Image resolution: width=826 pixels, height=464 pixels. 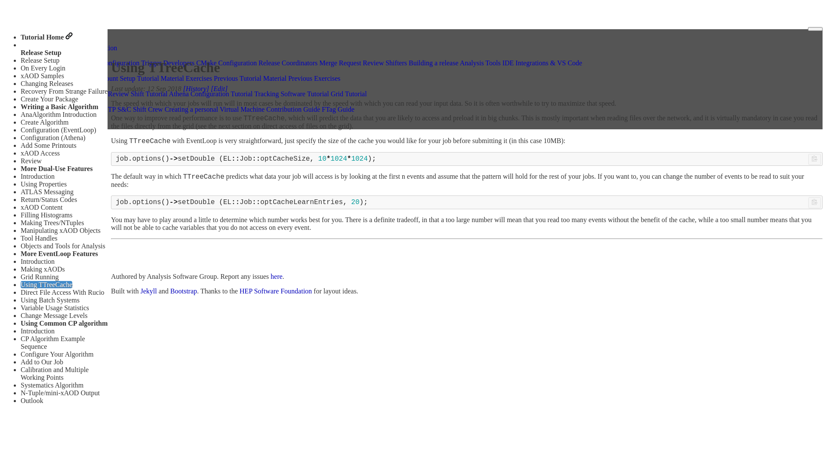 What do you see at coordinates (183, 290) in the screenshot?
I see `'Bootstrap'` at bounding box center [183, 290].